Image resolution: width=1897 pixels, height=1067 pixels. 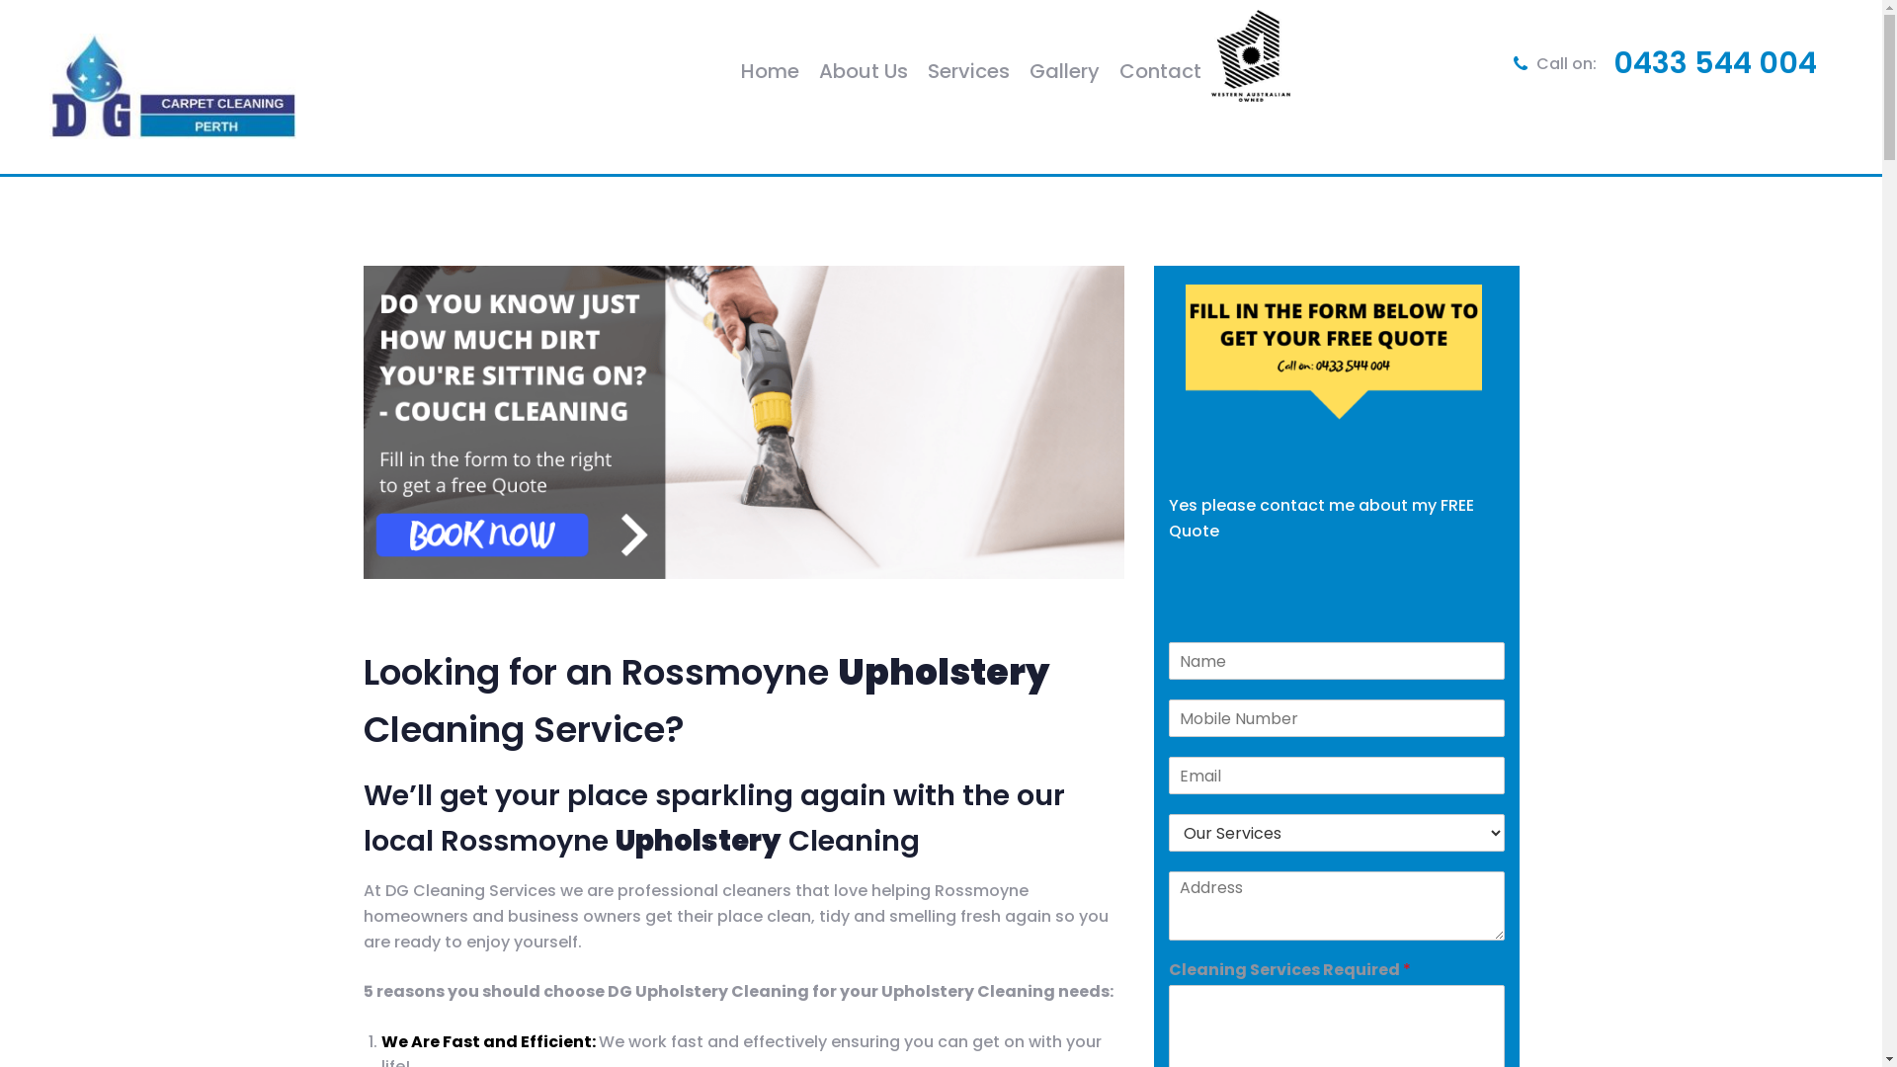 What do you see at coordinates (1160, 70) in the screenshot?
I see `'Contact'` at bounding box center [1160, 70].